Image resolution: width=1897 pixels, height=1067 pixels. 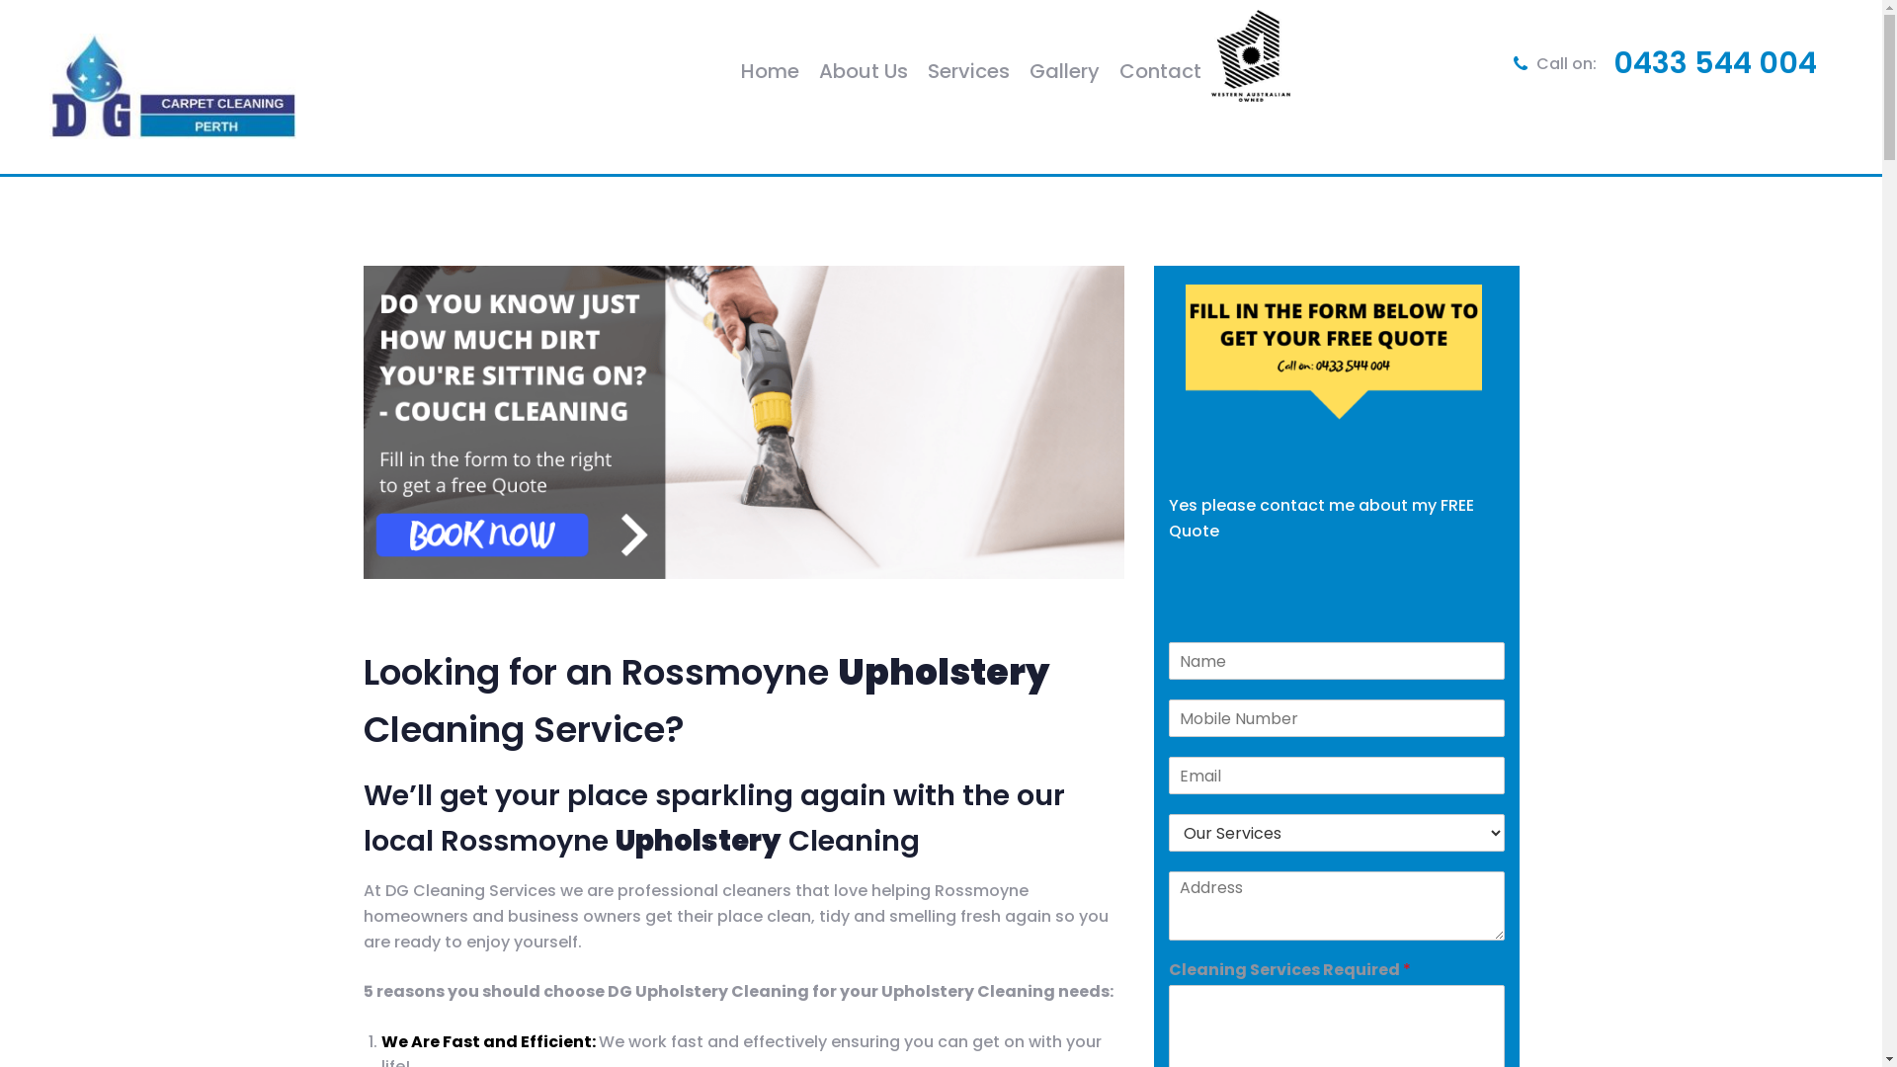 What do you see at coordinates (1160, 70) in the screenshot?
I see `'Contact'` at bounding box center [1160, 70].